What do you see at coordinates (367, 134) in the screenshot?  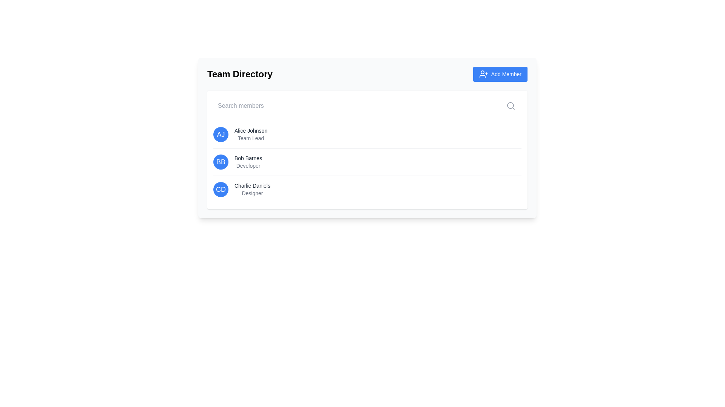 I see `the first list item displaying profile information in the 'Team Directory', which includes initials, name, and role` at bounding box center [367, 134].